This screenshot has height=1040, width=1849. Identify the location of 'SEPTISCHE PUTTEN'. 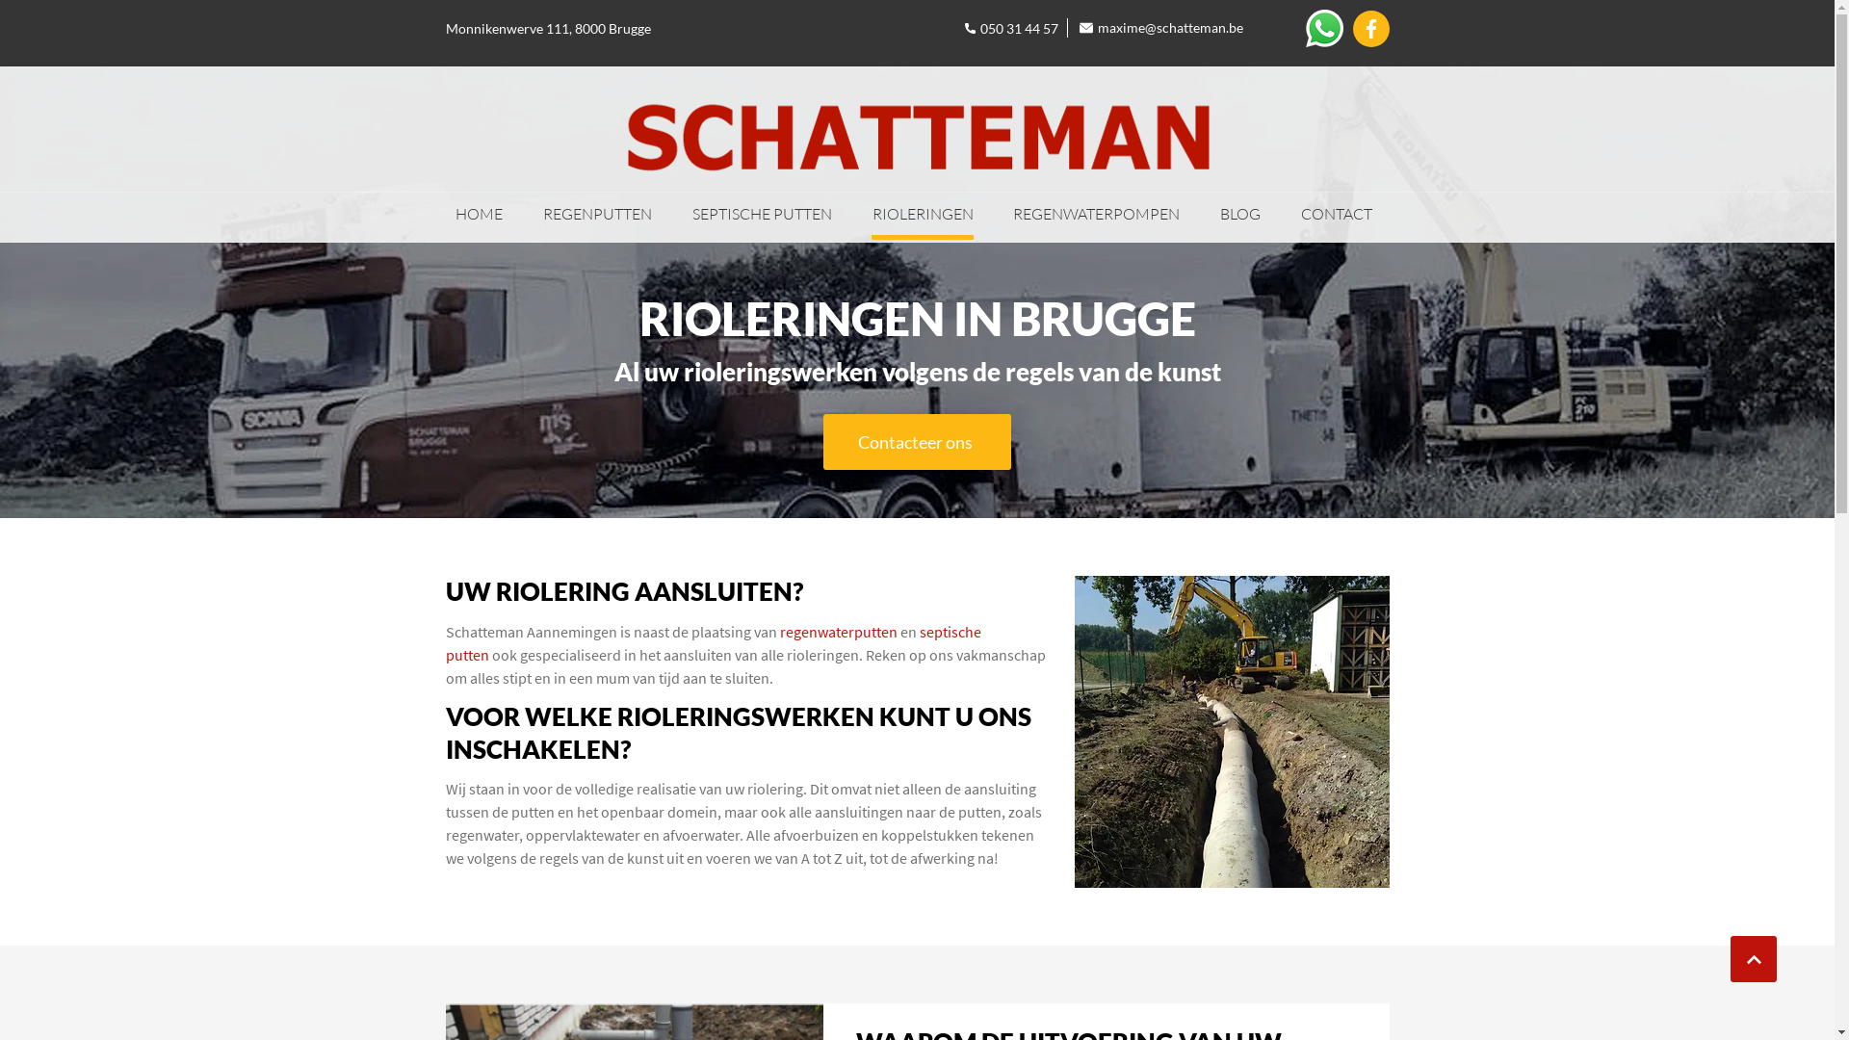
(761, 216).